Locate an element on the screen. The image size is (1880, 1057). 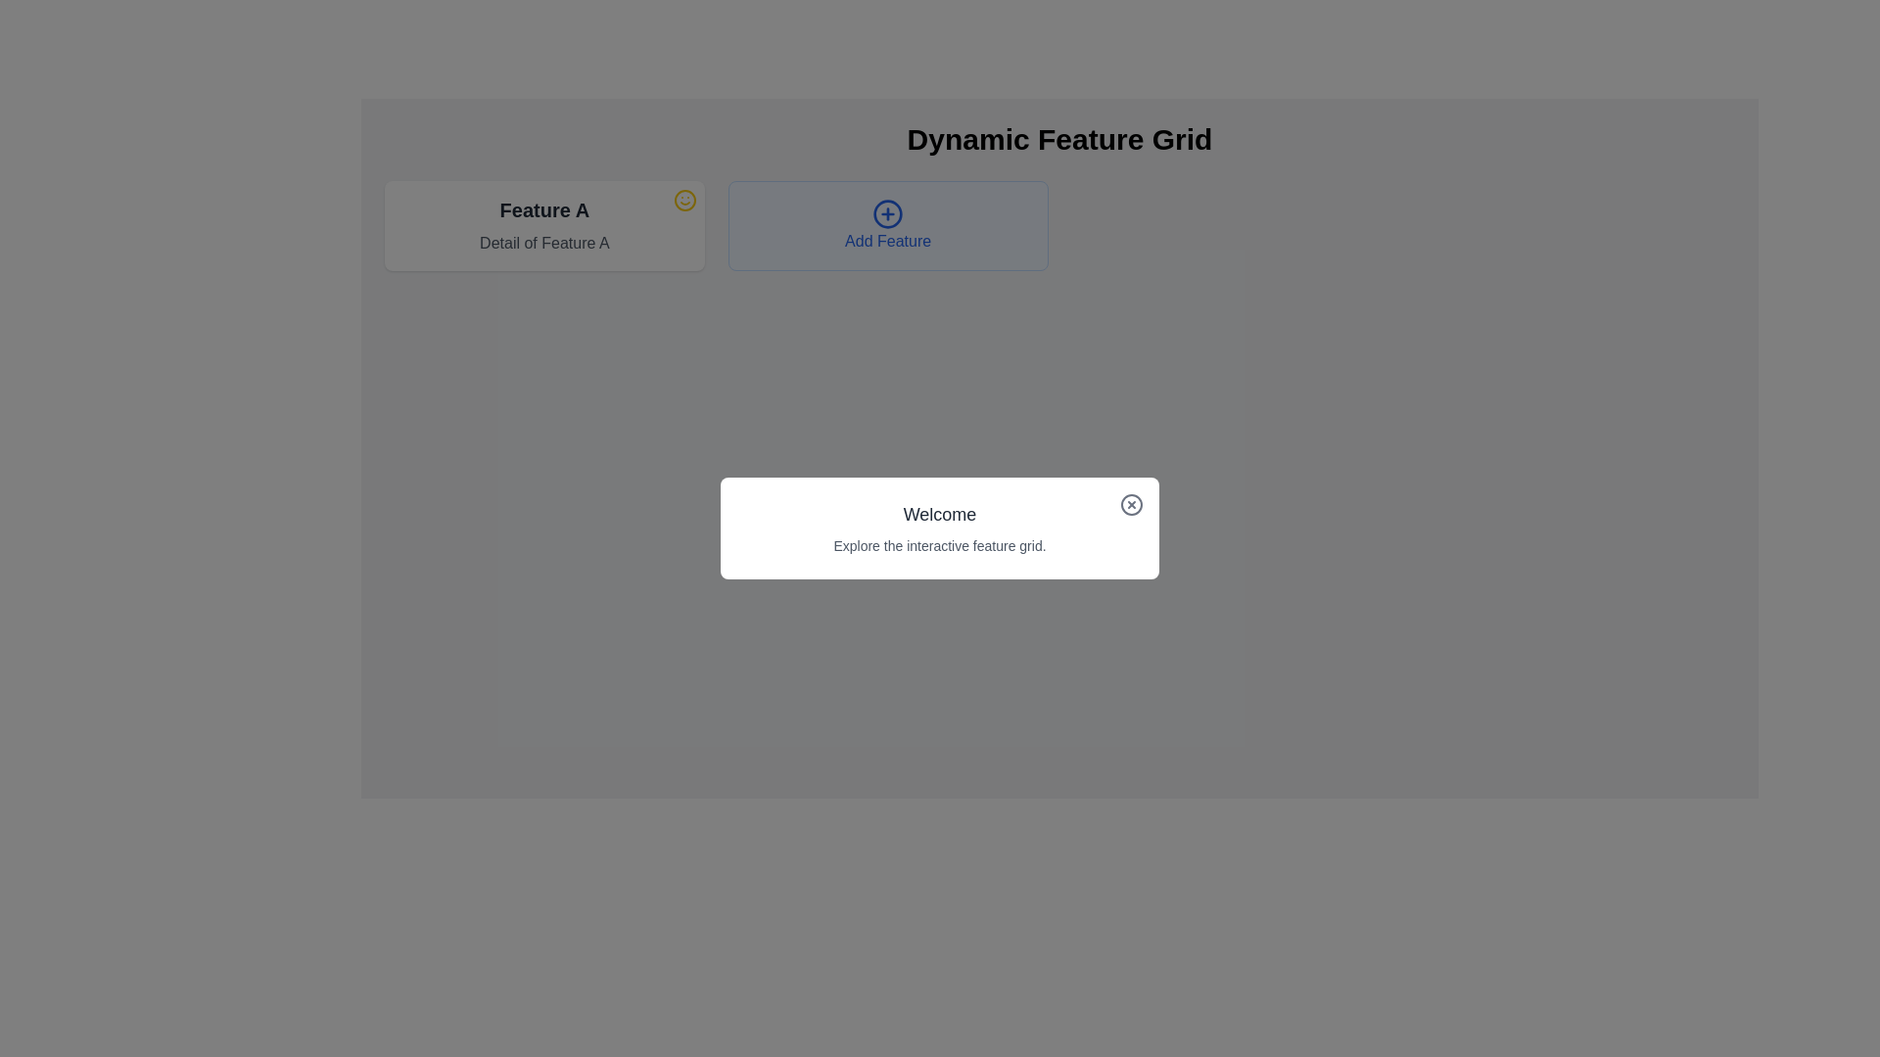
the 'Add Feature' text label, which is styled with a blue font and located beneath a circular '+' icon within a light blue rectangle is located at coordinates (887, 240).